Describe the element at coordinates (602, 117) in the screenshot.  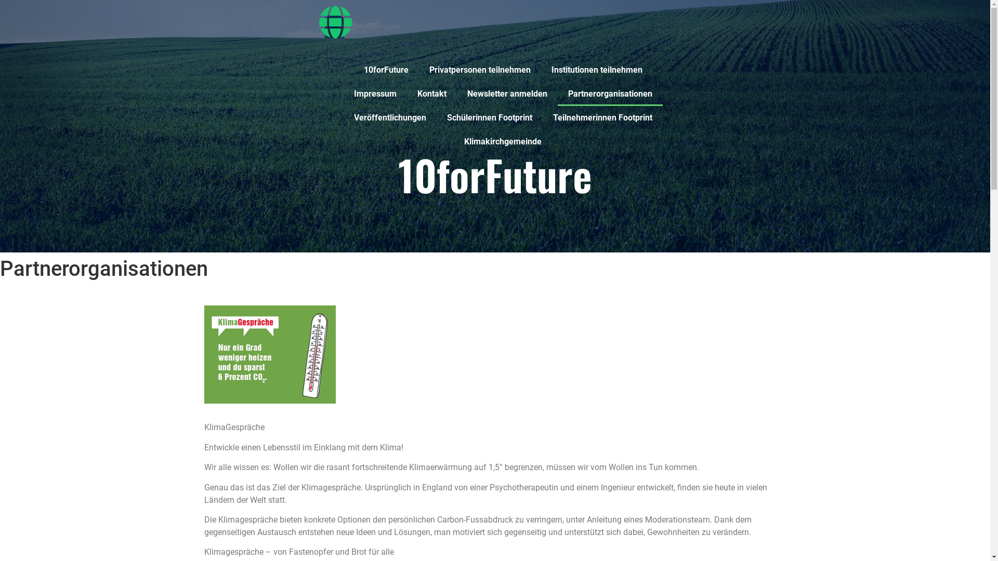
I see `'Teilnehmerinnen Footprint'` at that location.